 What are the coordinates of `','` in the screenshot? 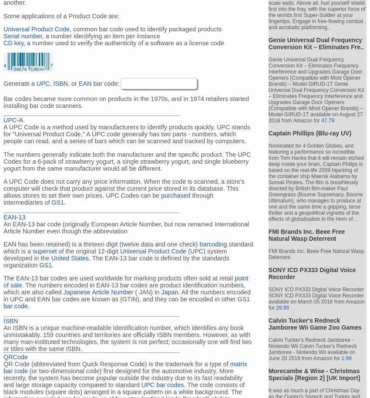 It's located at (50, 83).